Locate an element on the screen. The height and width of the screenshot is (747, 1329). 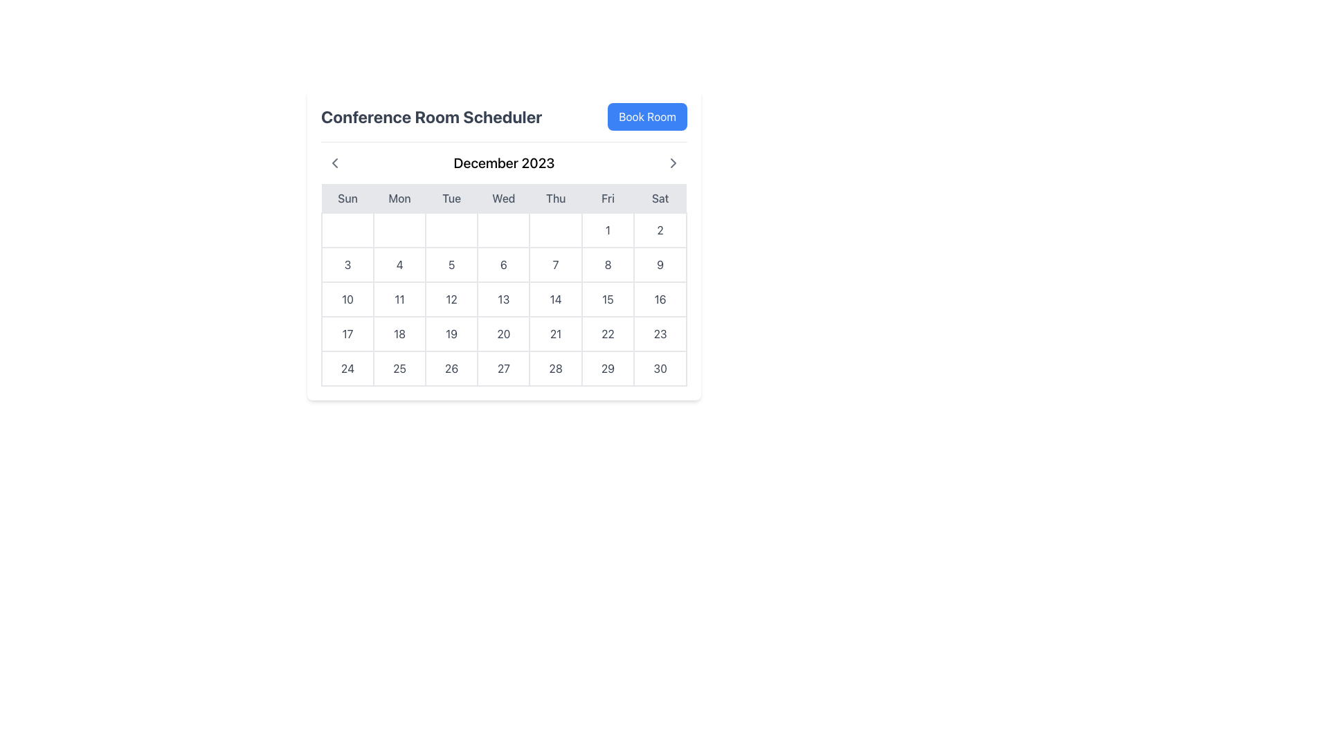
the rounded rectangular button labeled '3' which has a gray border and white background, located at the leftmost position of a series of numbered buttons is located at coordinates (347, 264).